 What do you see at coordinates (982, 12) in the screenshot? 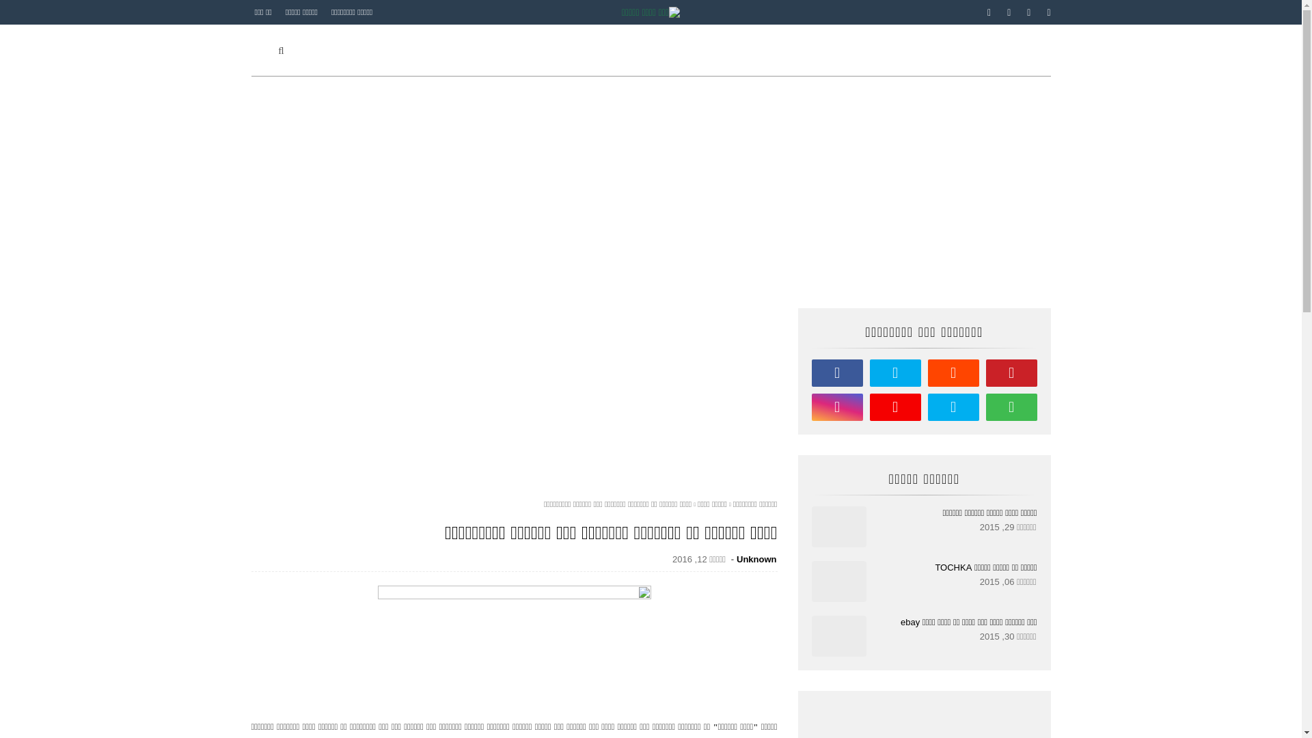
I see `'facebook'` at bounding box center [982, 12].